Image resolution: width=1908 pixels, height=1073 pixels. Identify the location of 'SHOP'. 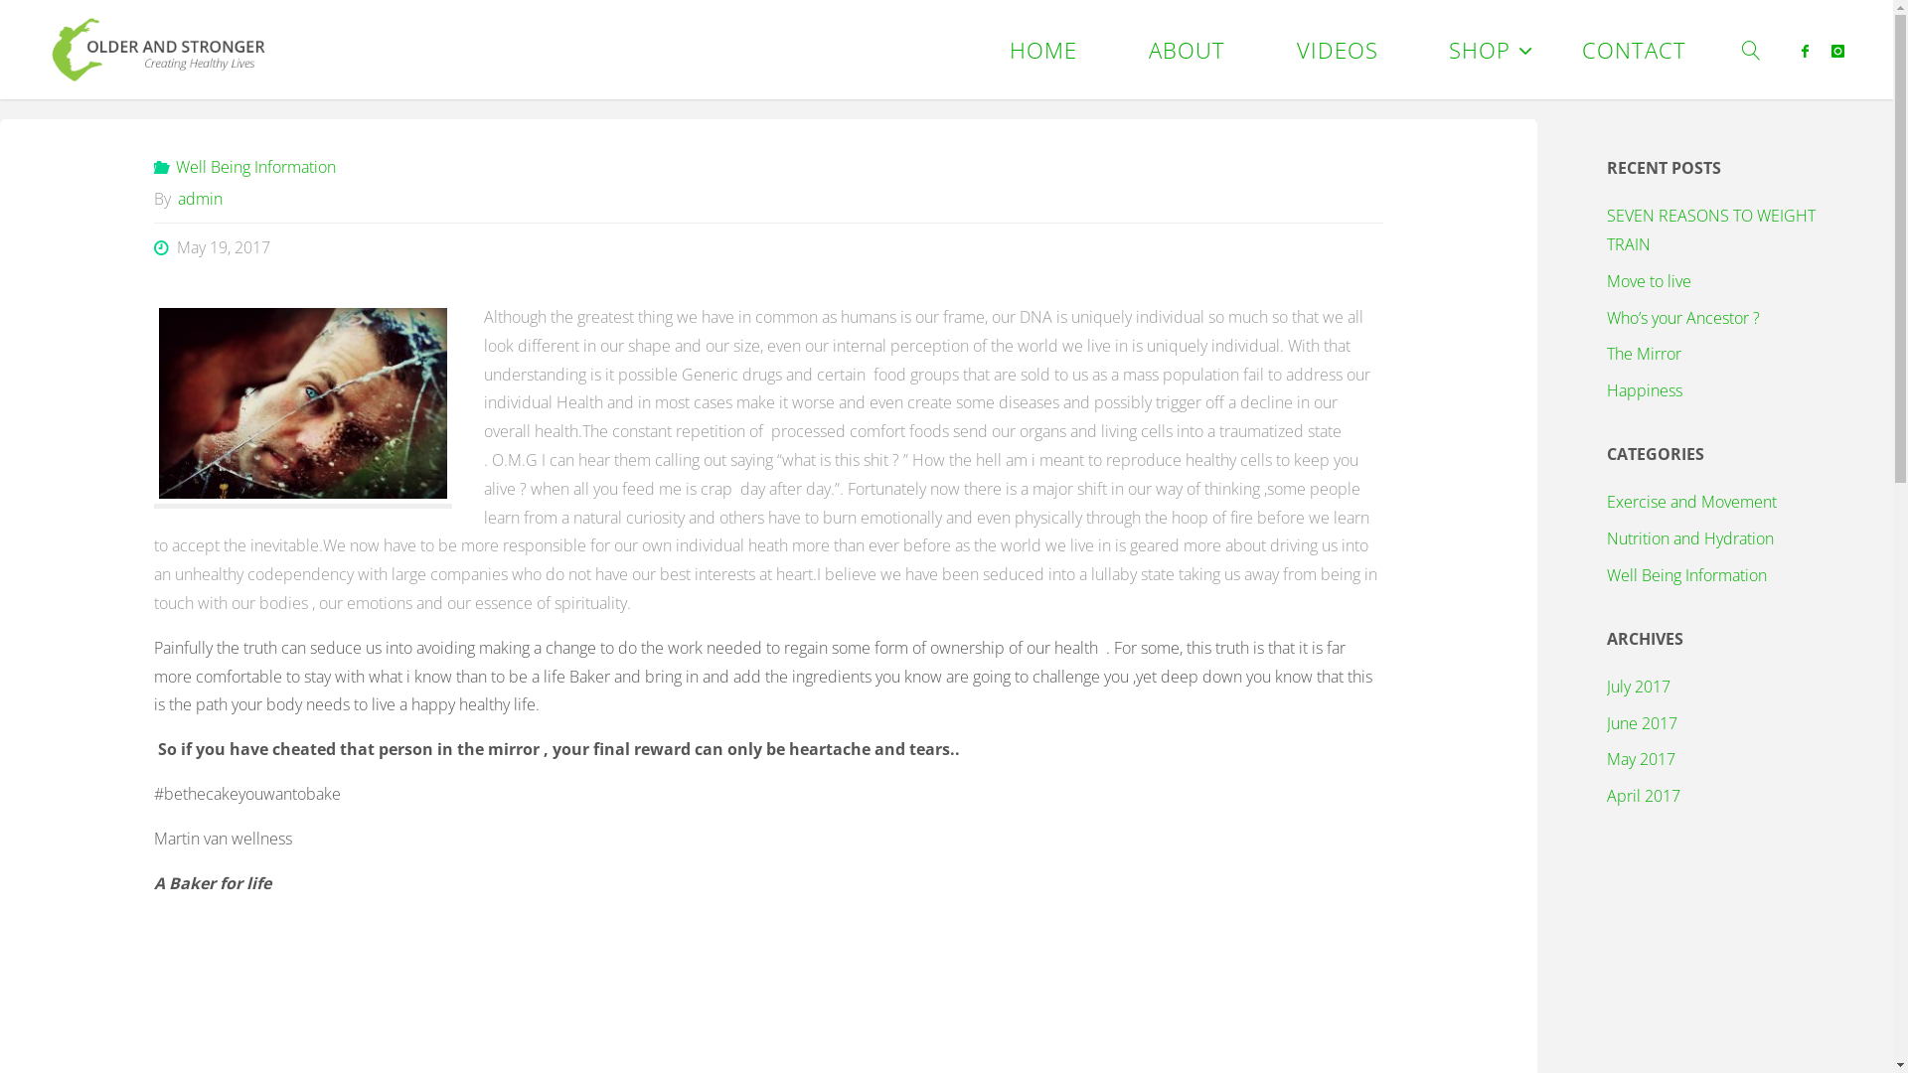
(1411, 49).